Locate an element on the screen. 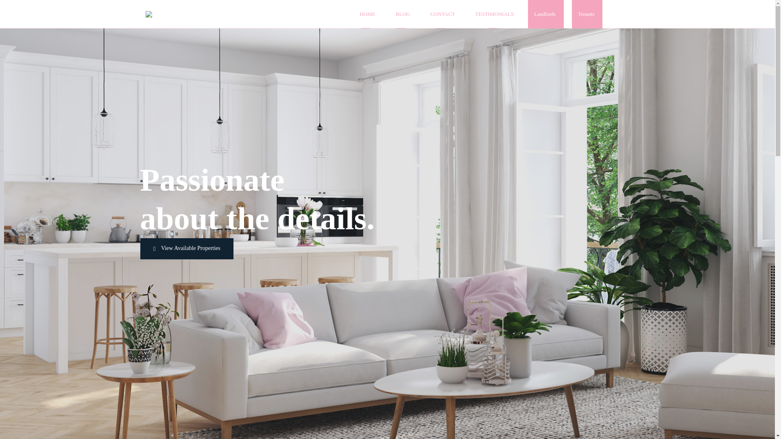 The height and width of the screenshot is (439, 781). 'Landlords' is located at coordinates (546, 14).